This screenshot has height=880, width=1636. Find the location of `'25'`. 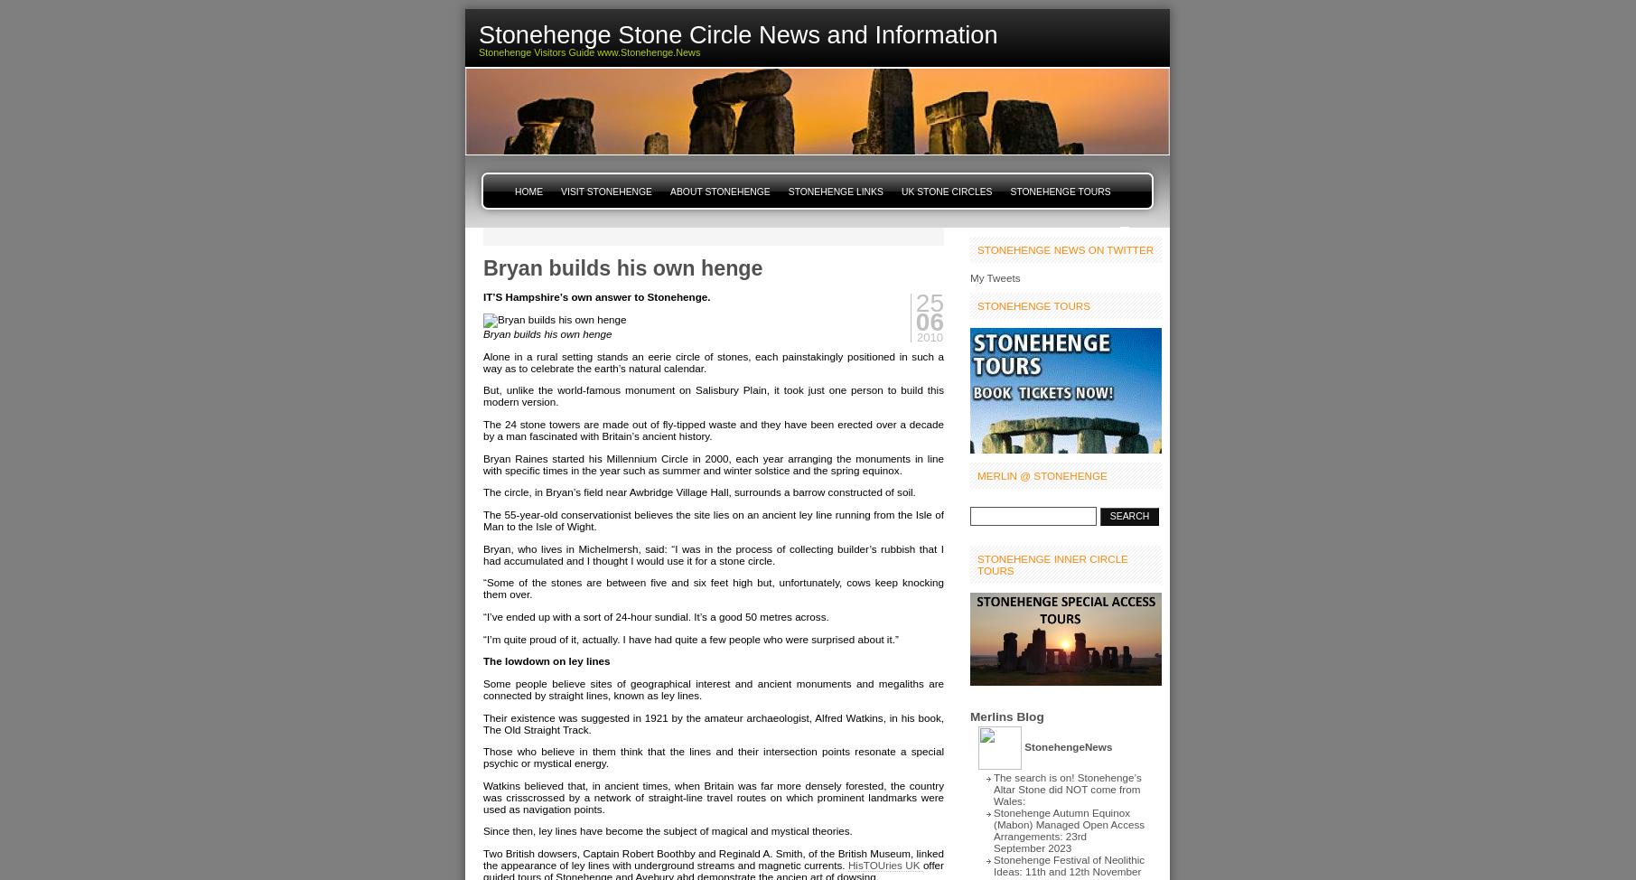

'25' is located at coordinates (930, 302).